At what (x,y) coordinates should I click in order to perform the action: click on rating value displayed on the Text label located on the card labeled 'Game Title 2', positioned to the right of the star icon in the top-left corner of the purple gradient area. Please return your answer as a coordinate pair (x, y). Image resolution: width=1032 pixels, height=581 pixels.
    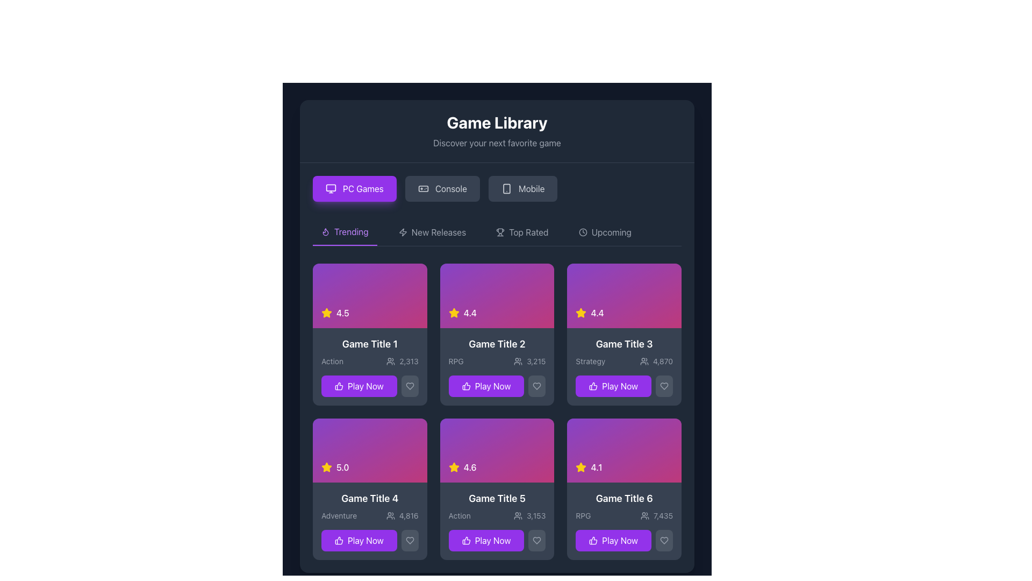
    Looking at the image, I should click on (470, 313).